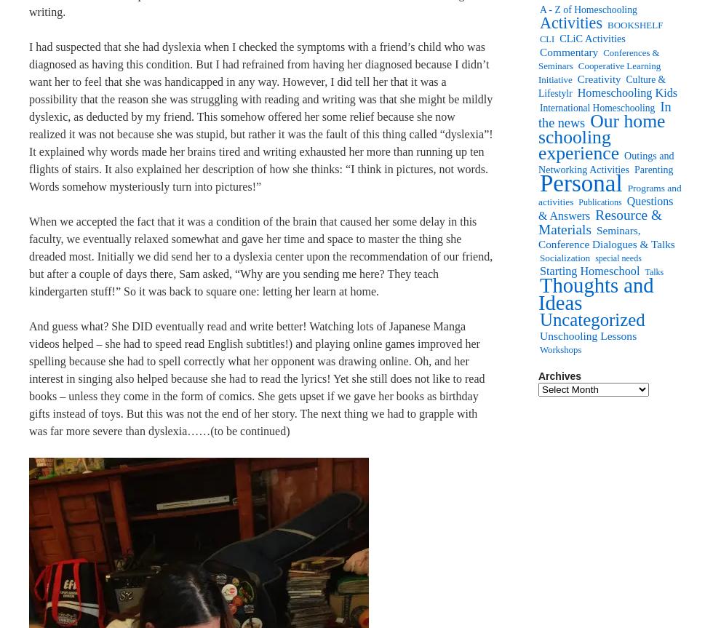 Image resolution: width=713 pixels, height=628 pixels. I want to click on 'Conferences & Seminars', so click(538, 59).